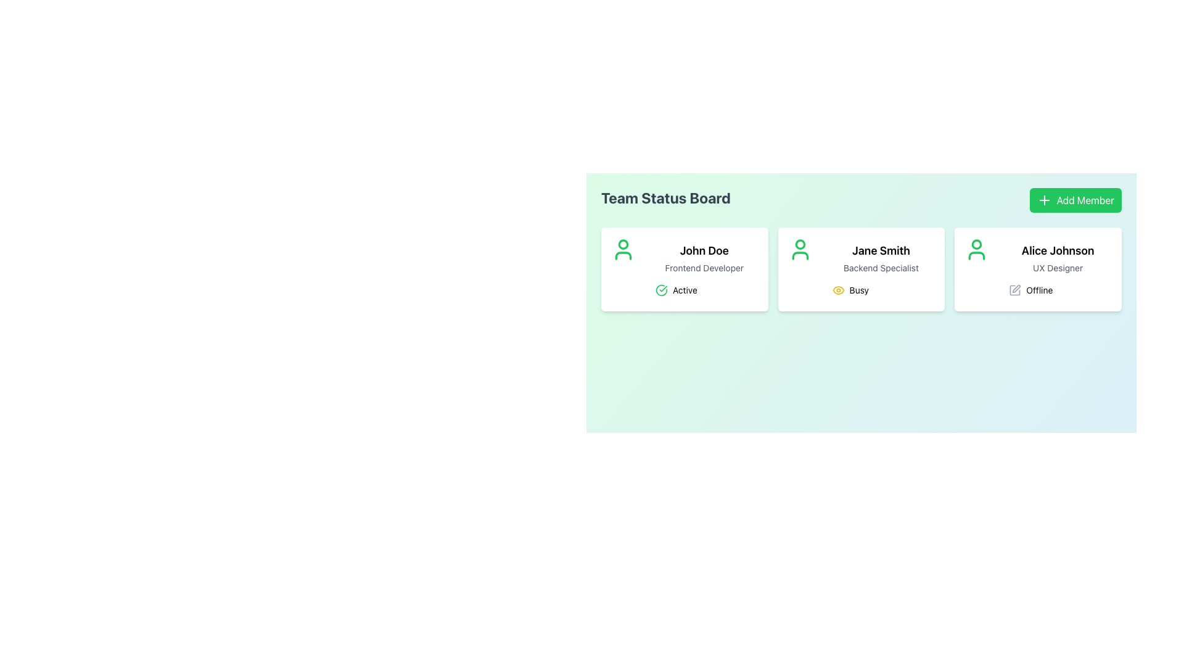 This screenshot has height=666, width=1184. Describe the element at coordinates (1075, 199) in the screenshot. I see `keyboard navigation` at that location.